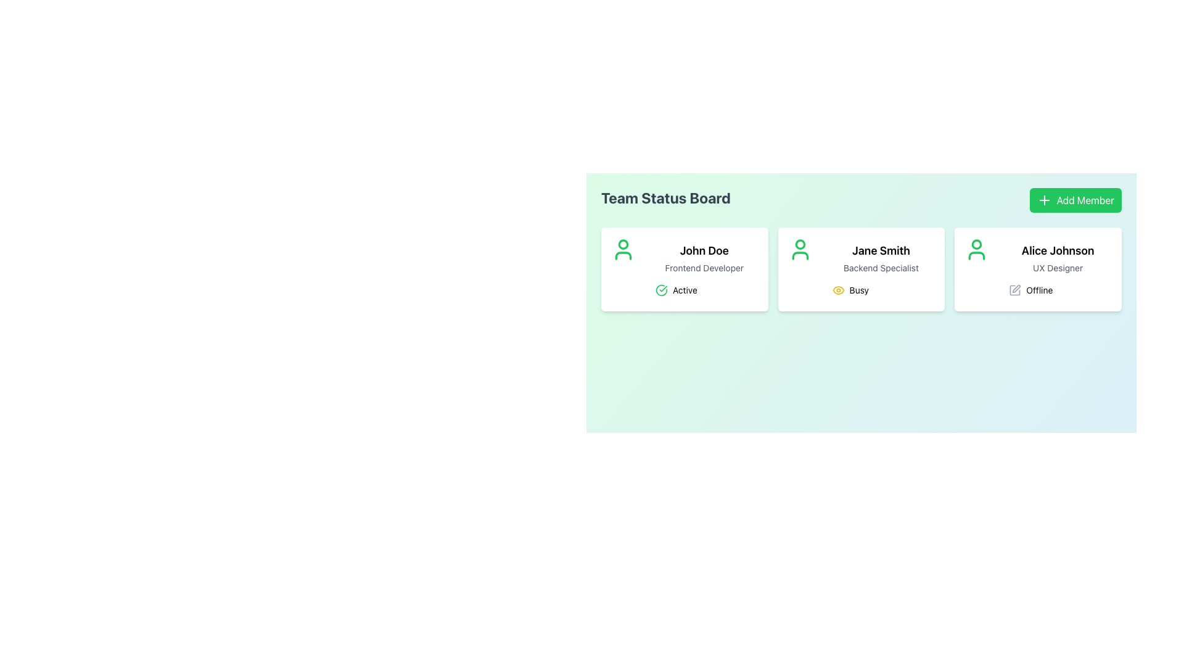 This screenshot has height=666, width=1184. Describe the element at coordinates (1075, 199) in the screenshot. I see `keyboard navigation` at that location.